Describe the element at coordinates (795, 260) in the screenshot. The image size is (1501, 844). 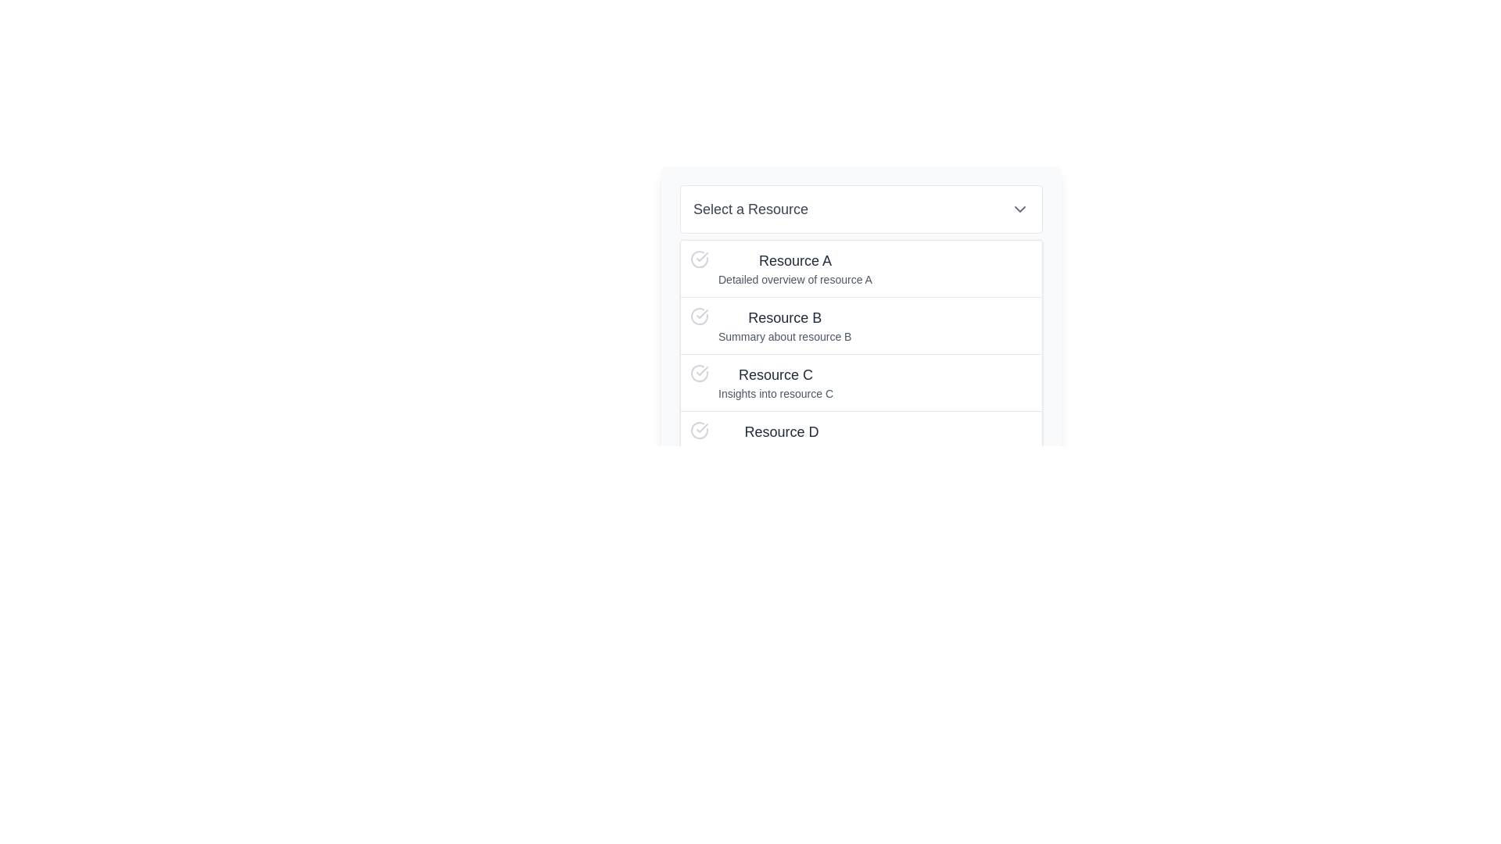
I see `the text label identifying the selectable resource named 'Resource A'` at that location.